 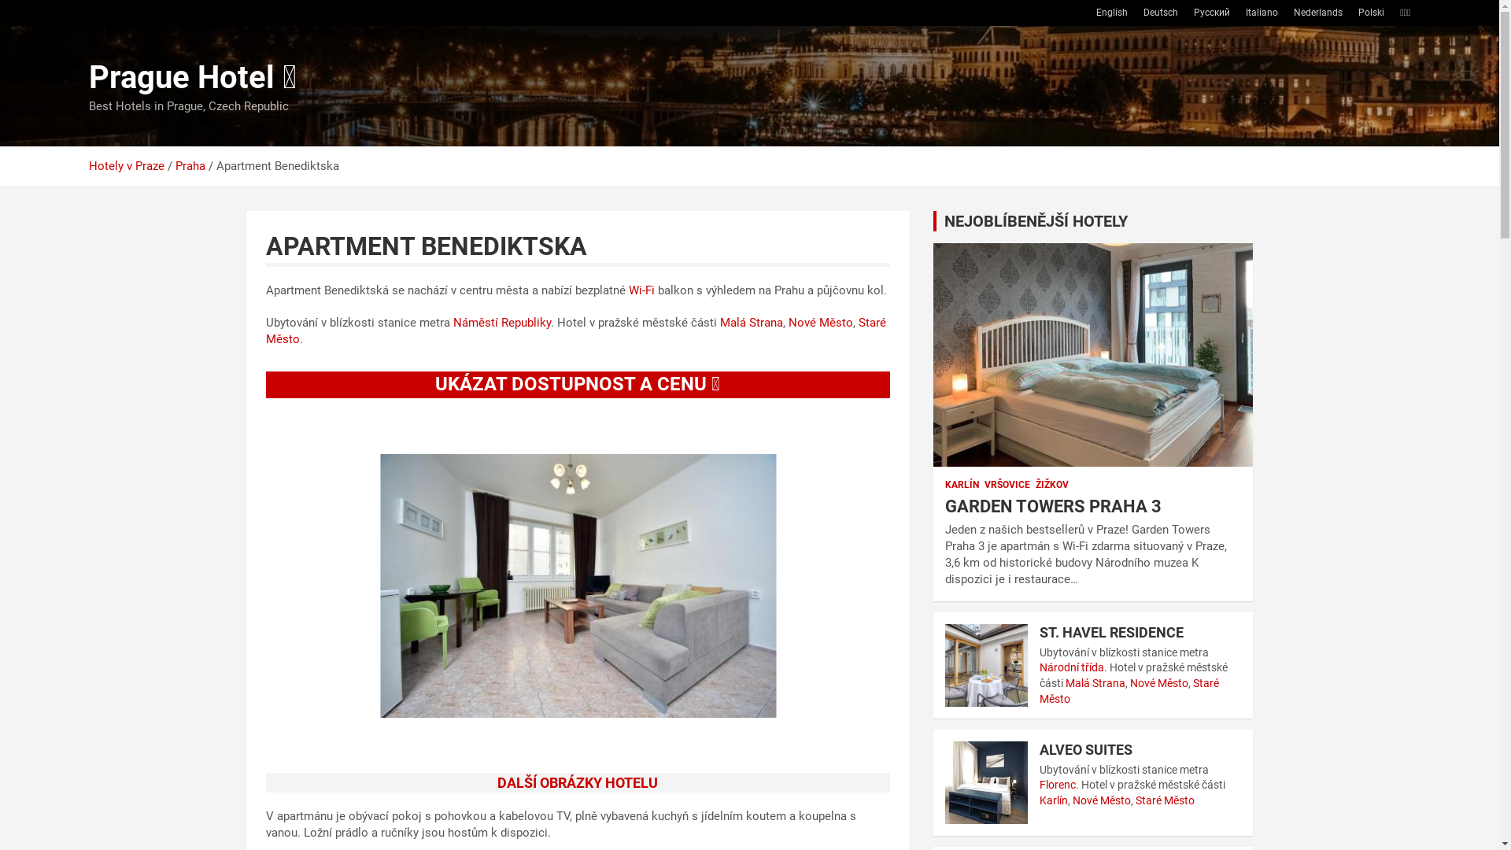 I want to click on 'Praha', so click(x=174, y=166).